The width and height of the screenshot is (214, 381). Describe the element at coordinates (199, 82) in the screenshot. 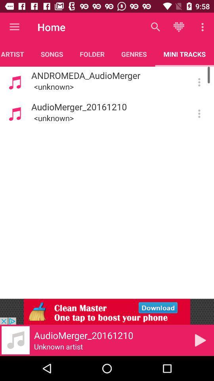

I see `more information and options about this` at that location.